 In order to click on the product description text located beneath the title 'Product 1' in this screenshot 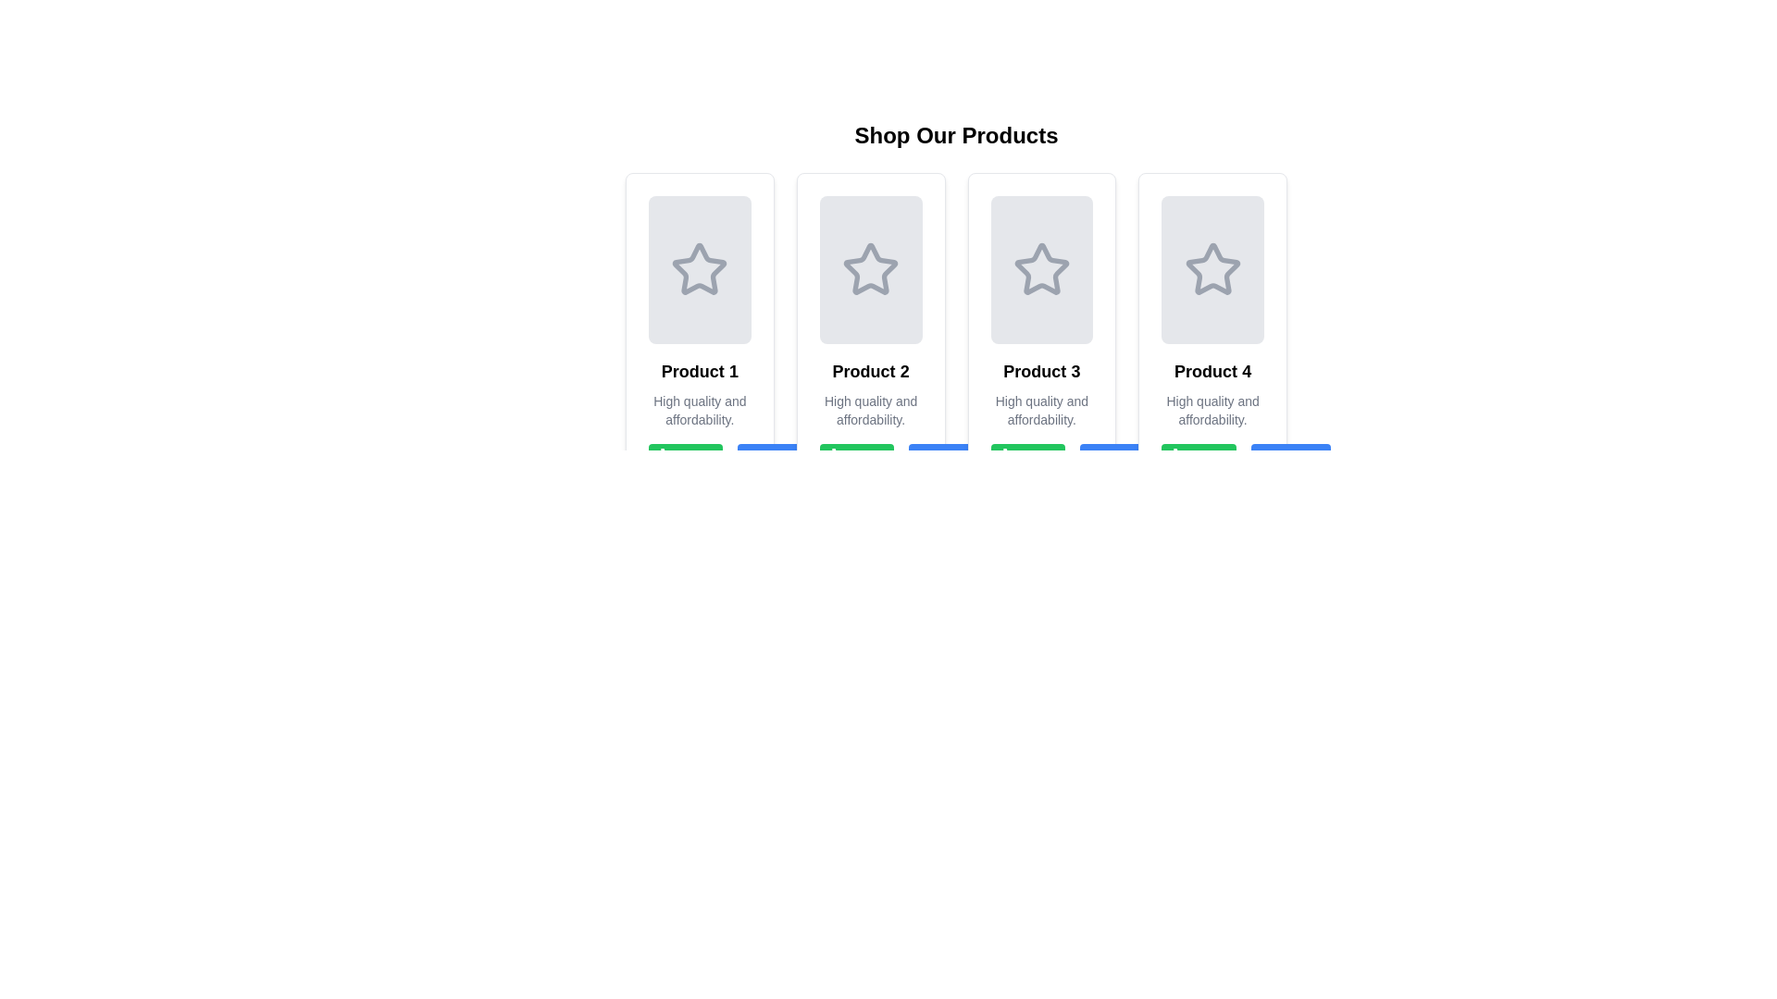, I will do `click(699, 409)`.